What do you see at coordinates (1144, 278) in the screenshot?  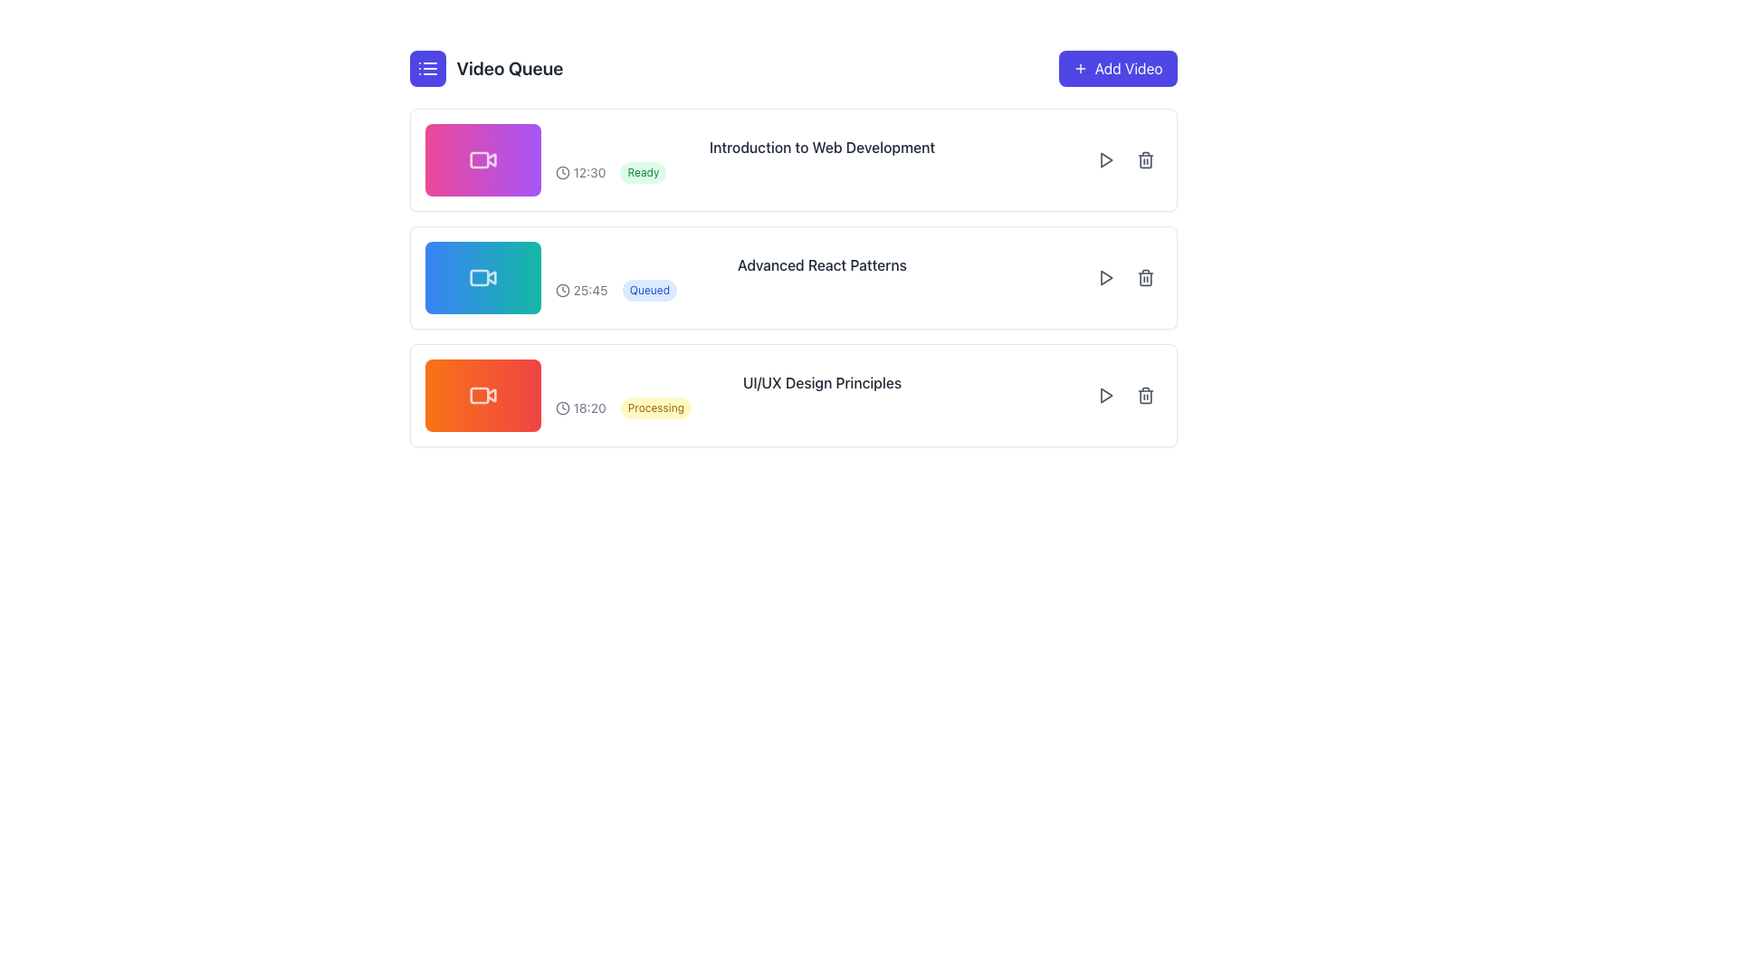 I see `the trash can icon button with a thin, rounded outline located at the end of the second list item for 'Advanced React Patterns'` at bounding box center [1144, 278].